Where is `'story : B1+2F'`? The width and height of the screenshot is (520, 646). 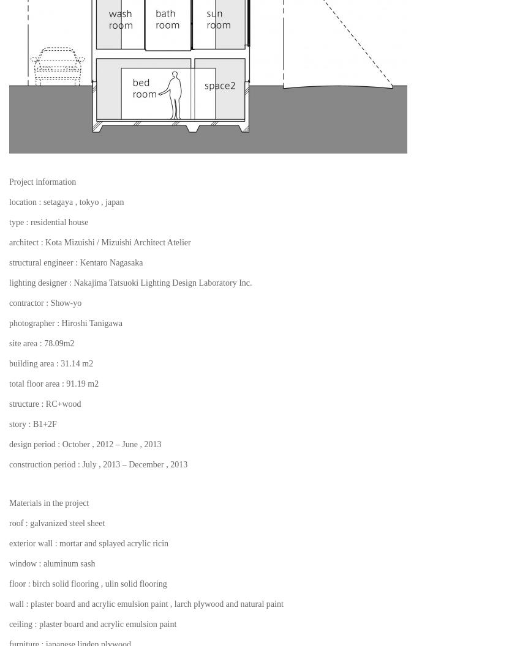
'story : B1+2F' is located at coordinates (32, 423).